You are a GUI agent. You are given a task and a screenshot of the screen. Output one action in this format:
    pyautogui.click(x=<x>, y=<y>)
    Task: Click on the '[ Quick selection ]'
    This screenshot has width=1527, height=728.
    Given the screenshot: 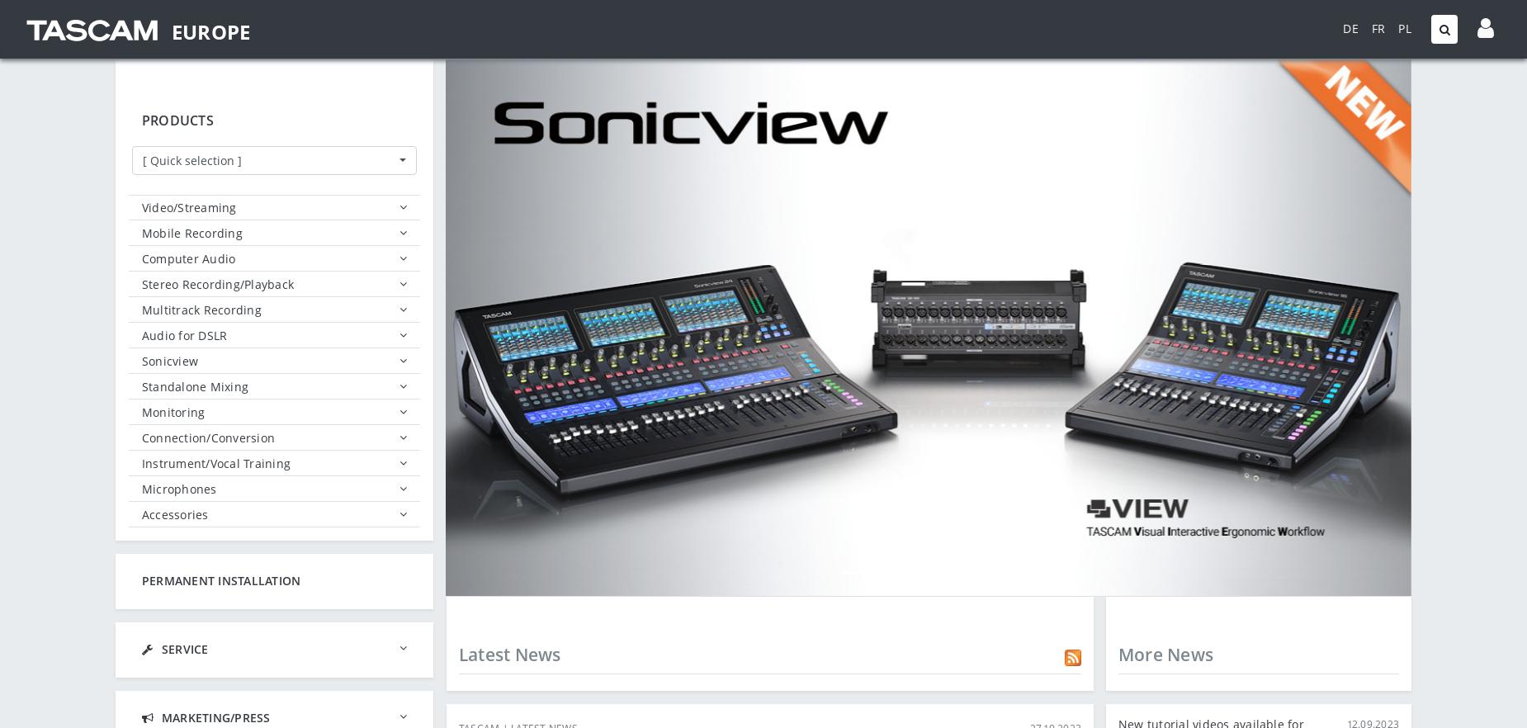 What is the action you would take?
    pyautogui.click(x=191, y=160)
    